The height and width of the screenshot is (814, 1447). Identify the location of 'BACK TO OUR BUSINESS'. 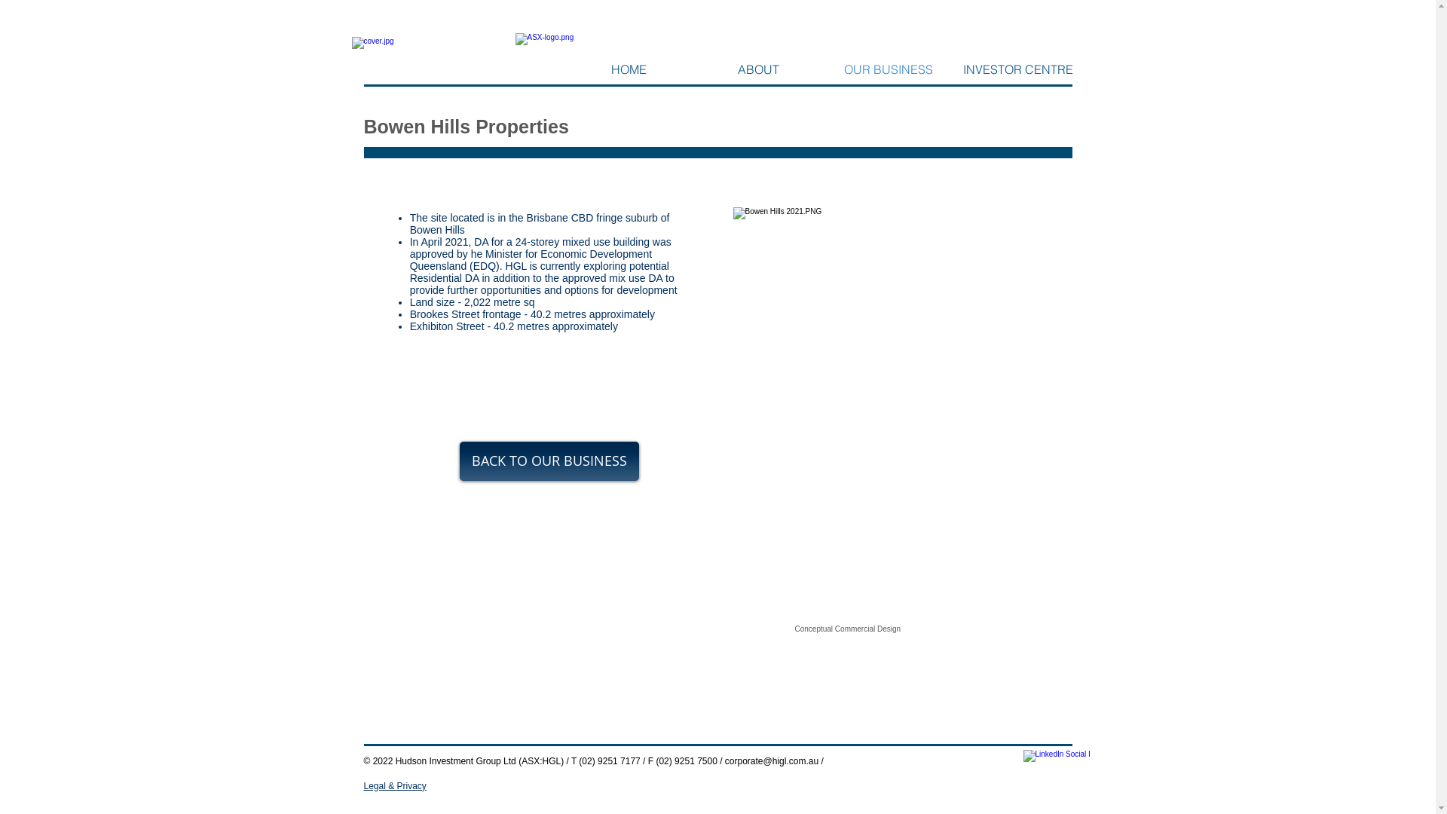
(549, 461).